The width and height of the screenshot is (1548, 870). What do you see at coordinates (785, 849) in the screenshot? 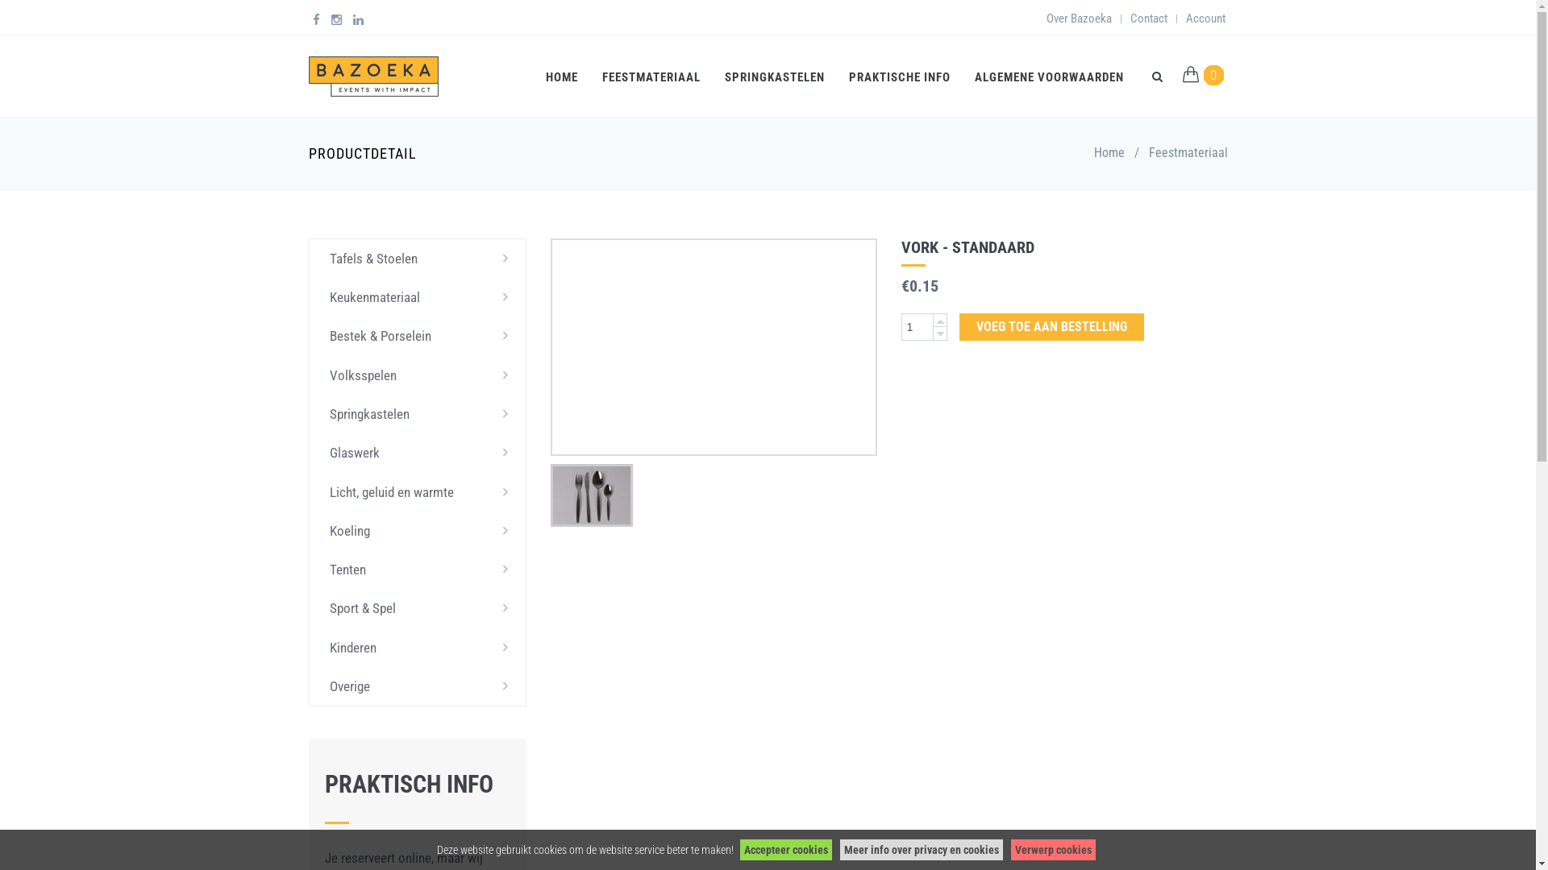
I see `'Accepteer cookies'` at bounding box center [785, 849].